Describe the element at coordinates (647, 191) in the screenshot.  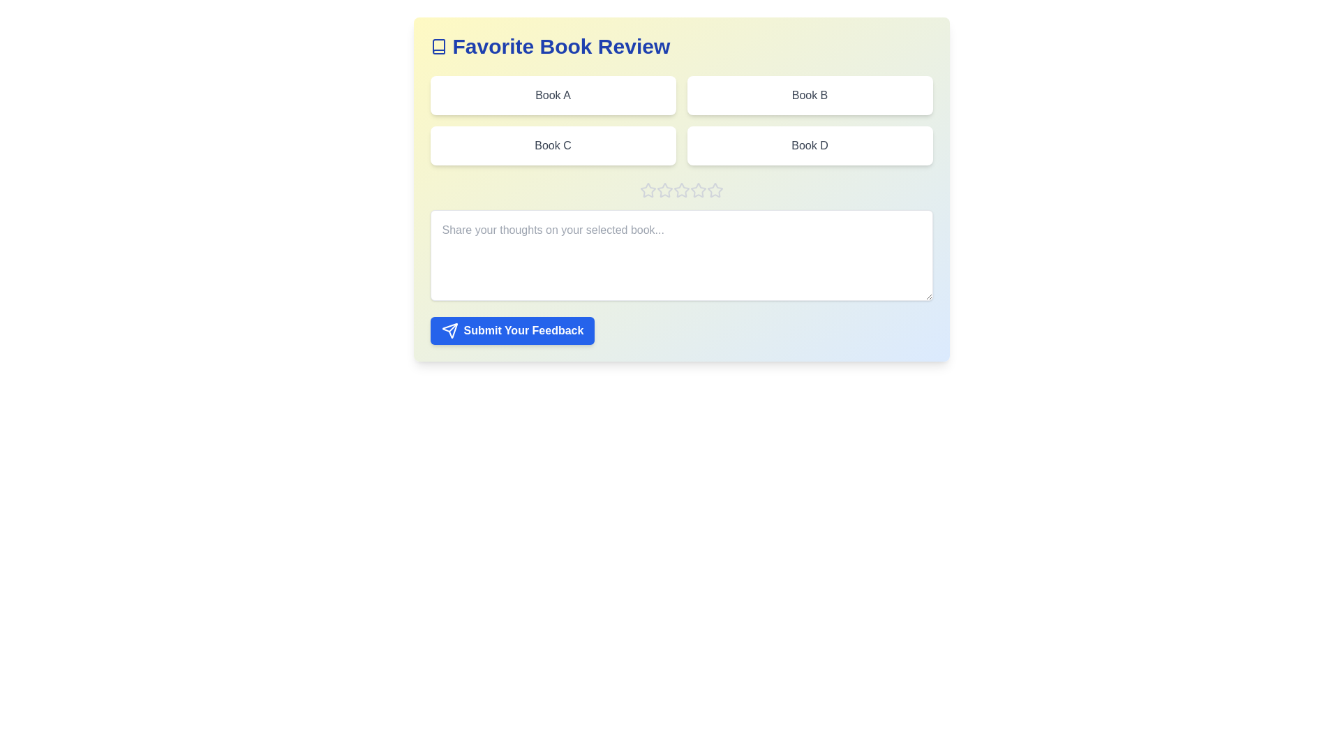
I see `the book rating to 1 stars` at that location.